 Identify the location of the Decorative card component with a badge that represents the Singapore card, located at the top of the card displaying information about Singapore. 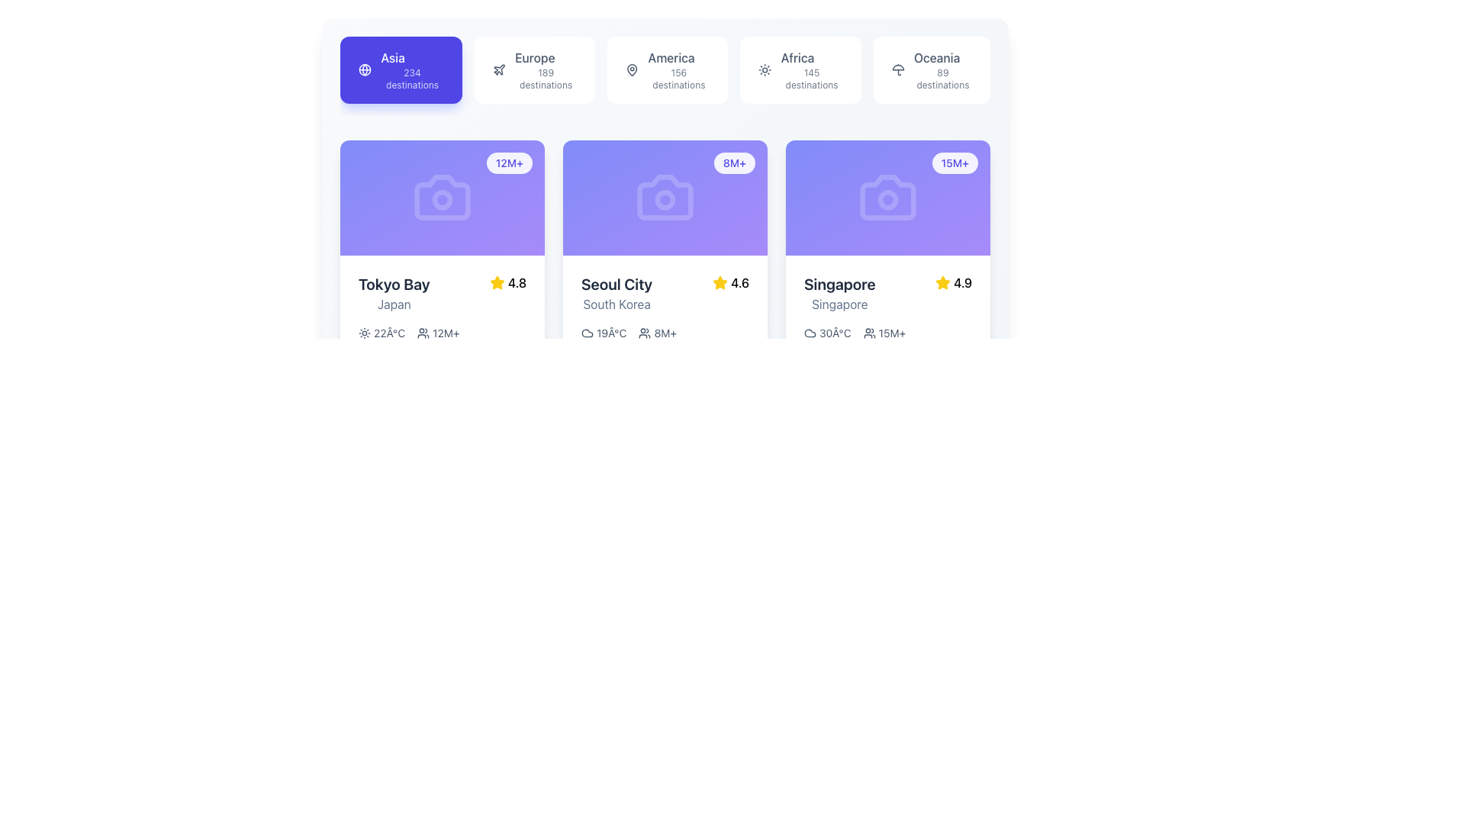
(887, 196).